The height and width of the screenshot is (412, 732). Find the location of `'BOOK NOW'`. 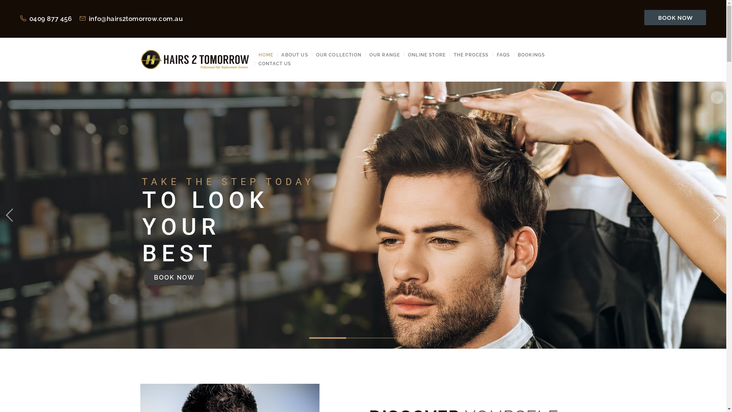

'BOOK NOW' is located at coordinates (173, 278).